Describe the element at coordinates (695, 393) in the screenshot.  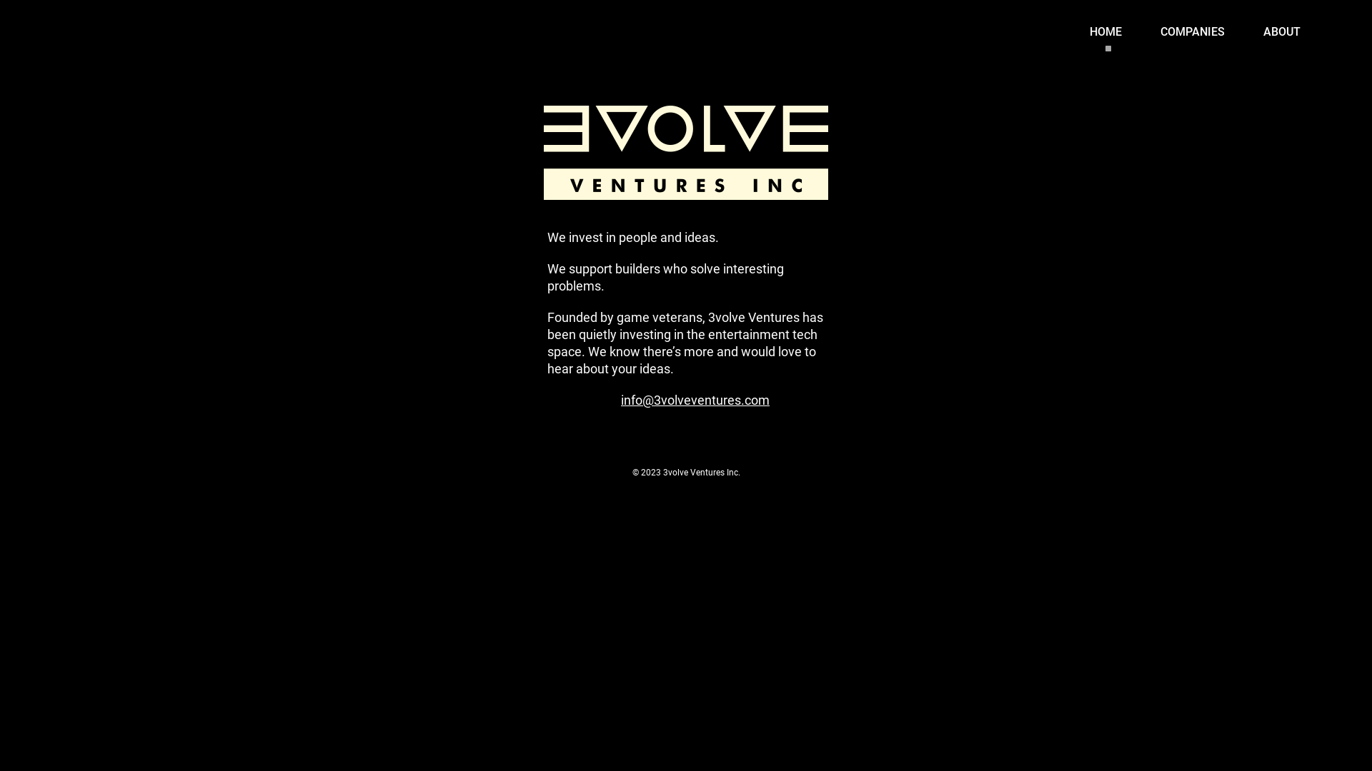
I see `'info@3volveventures.com'` at that location.